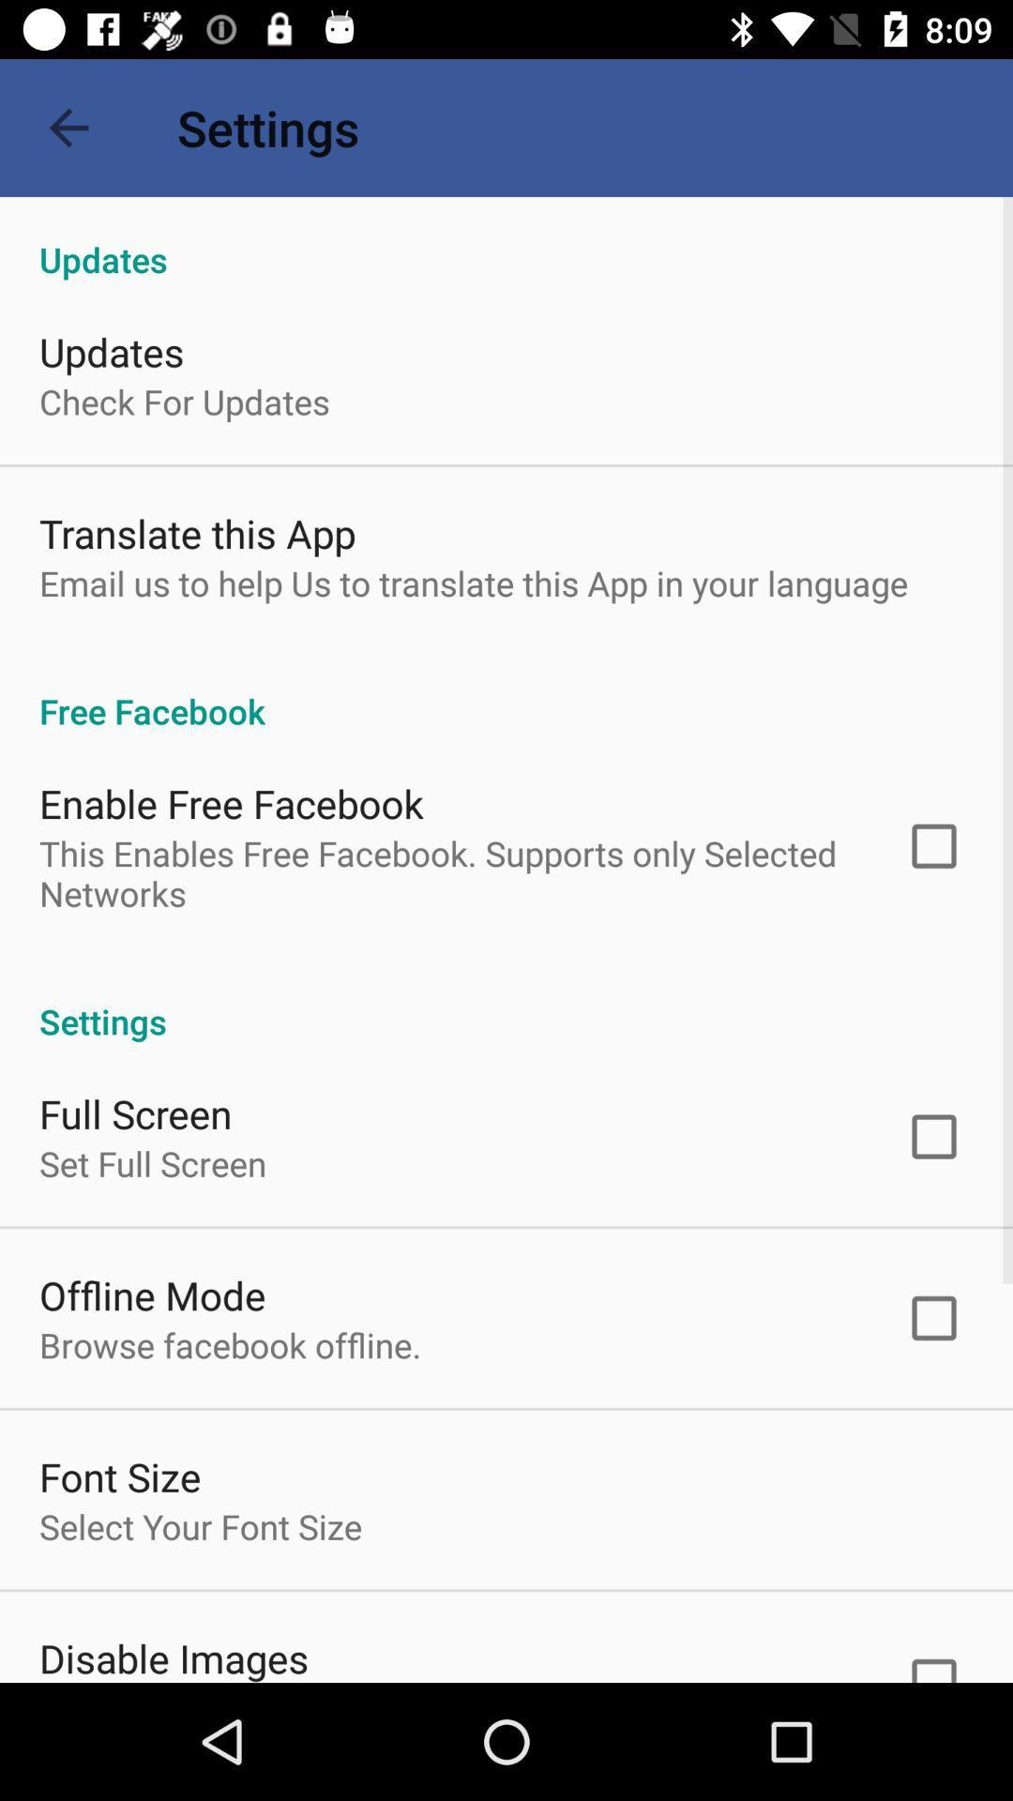 This screenshot has height=1801, width=1013. I want to click on the item above the browse facebook offline. icon, so click(151, 1294).